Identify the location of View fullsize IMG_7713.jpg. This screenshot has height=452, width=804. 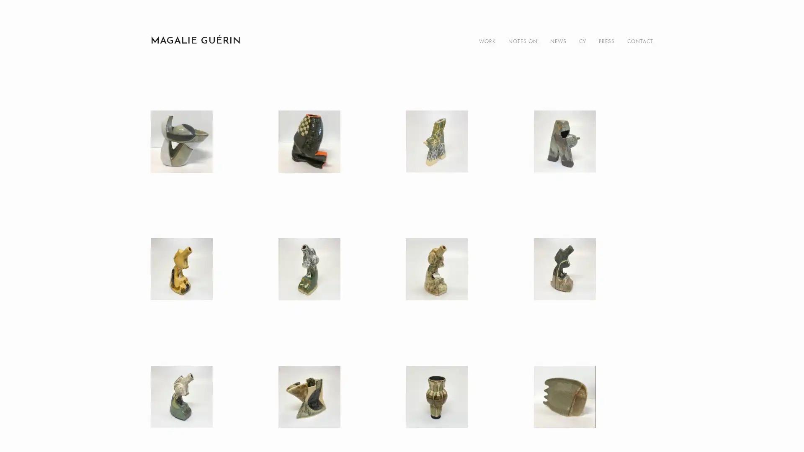
(465, 297).